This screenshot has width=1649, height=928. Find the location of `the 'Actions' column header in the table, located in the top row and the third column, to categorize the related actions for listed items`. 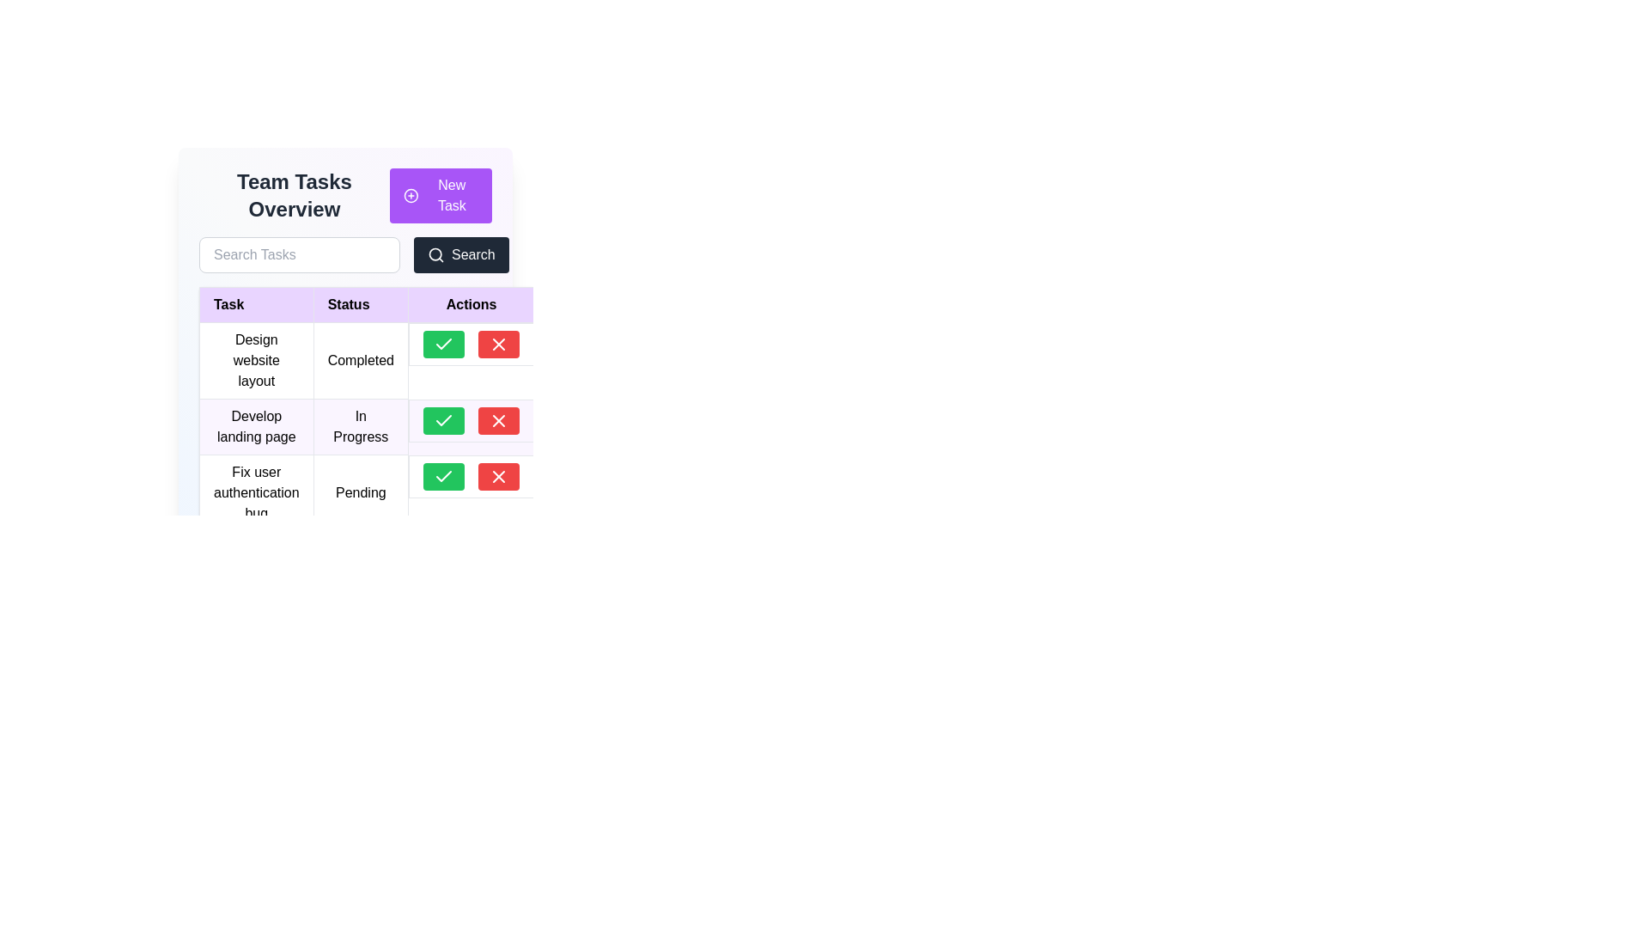

the 'Actions' column header in the table, located in the top row and the third column, to categorize the related actions for listed items is located at coordinates (471, 303).